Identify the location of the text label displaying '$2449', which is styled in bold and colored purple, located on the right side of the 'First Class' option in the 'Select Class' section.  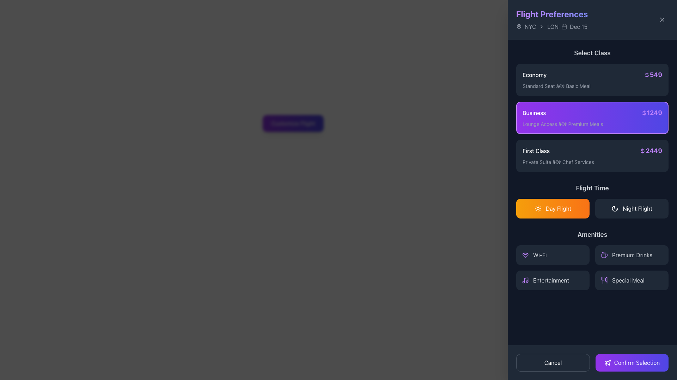
(651, 150).